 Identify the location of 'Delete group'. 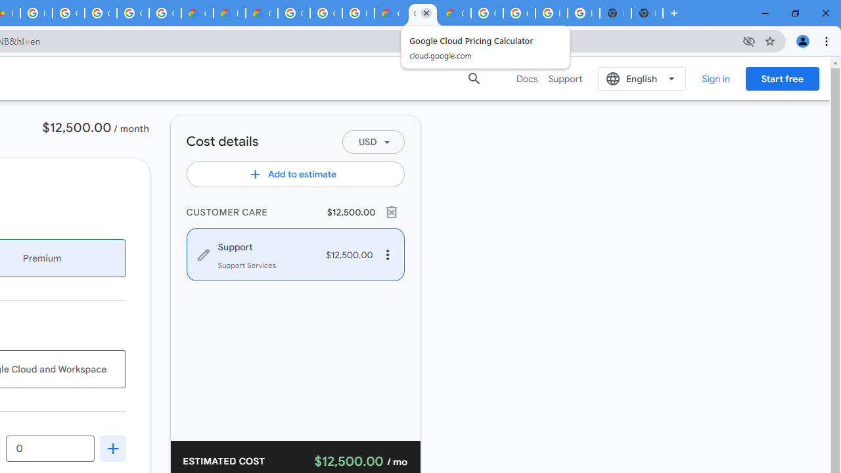
(390, 211).